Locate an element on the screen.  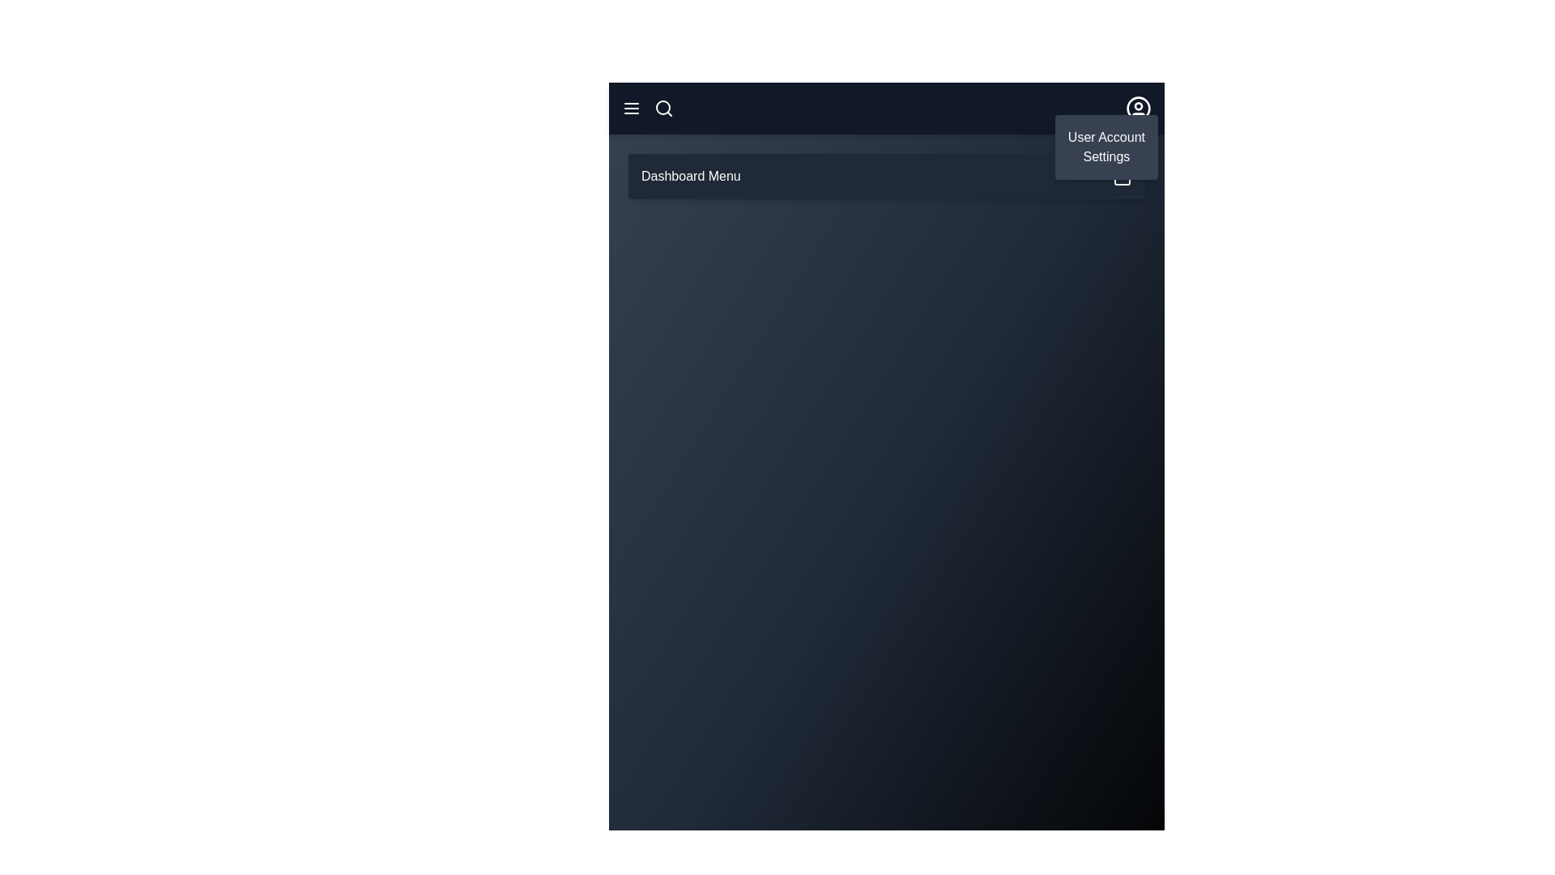
the menu icon to toggle the visibility of the main menu is located at coordinates (630, 109).